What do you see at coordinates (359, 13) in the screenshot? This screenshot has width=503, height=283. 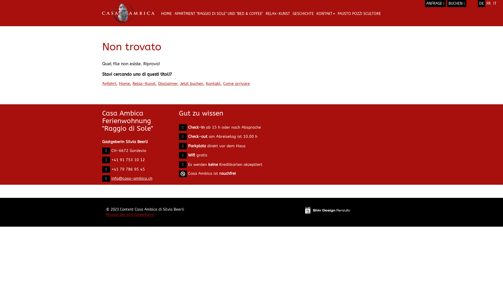 I see `'FAUSTO POZZI SCULTORE'` at bounding box center [359, 13].